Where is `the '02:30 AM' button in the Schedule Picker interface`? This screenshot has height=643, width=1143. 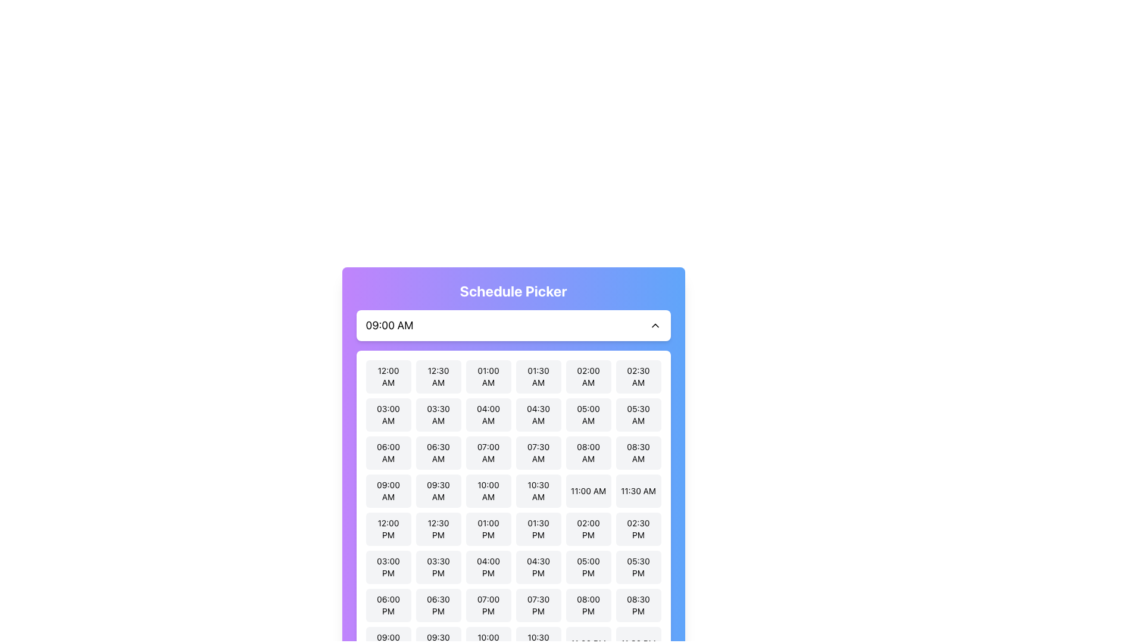
the '02:30 AM' button in the Schedule Picker interface is located at coordinates (638, 376).